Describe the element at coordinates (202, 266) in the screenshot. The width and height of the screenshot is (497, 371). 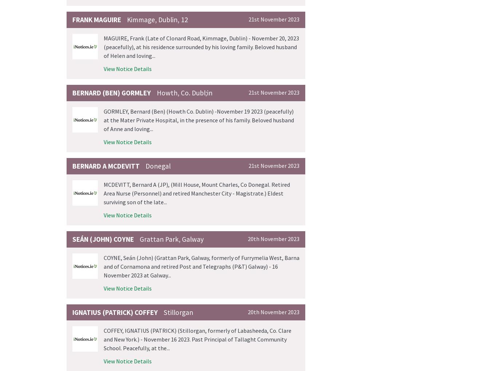
I see `'COYNE, Seán (John)                     (Grattan Park, Galway, formerly of Furrymelia West, Barna and of Cornamona and retired Post and Telegraphs (P&T) Galway) - 16 November 2023 at Galway...'` at that location.